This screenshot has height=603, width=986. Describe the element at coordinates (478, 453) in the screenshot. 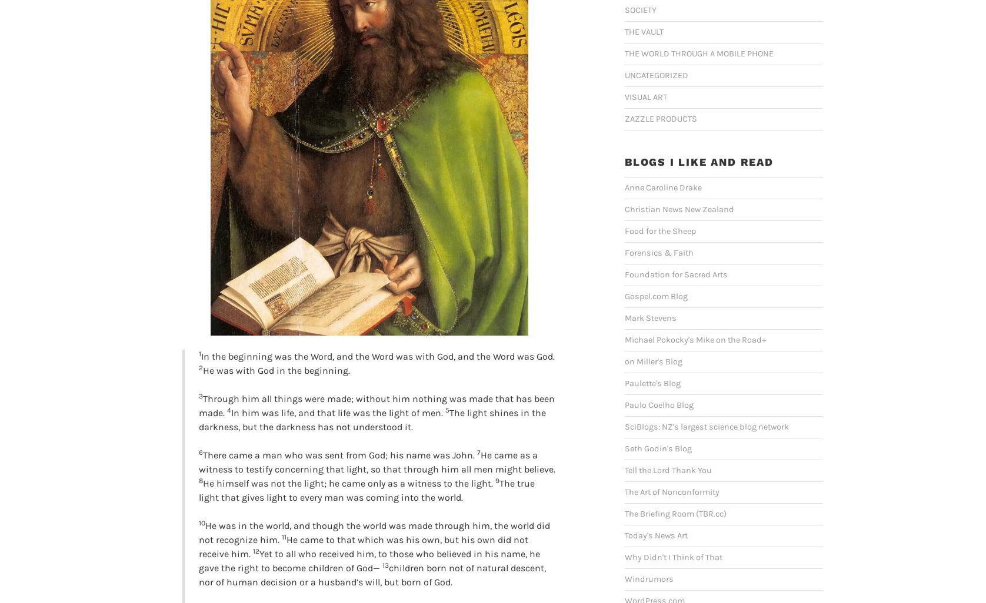

I see `'7'` at that location.